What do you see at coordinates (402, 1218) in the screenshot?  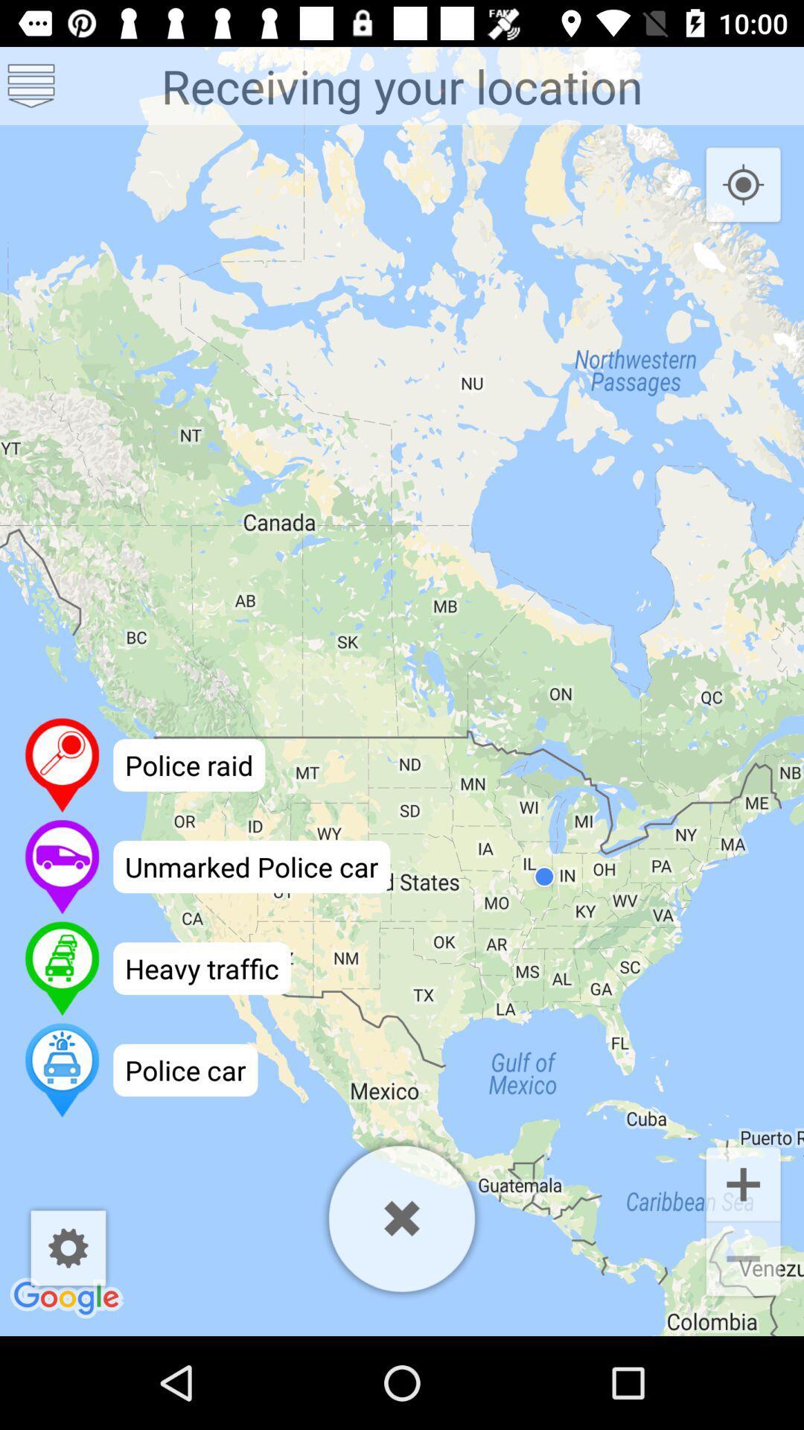 I see `exit` at bounding box center [402, 1218].